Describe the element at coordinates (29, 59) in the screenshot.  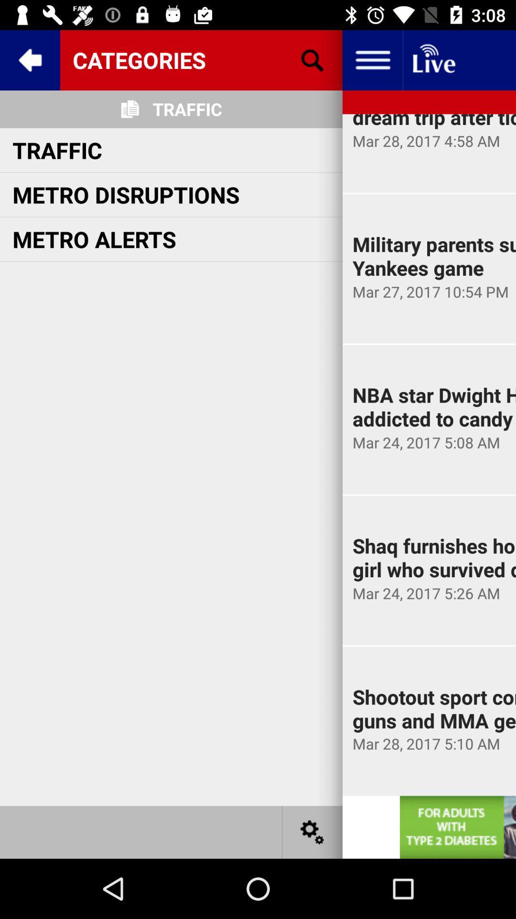
I see `back arrow icon` at that location.